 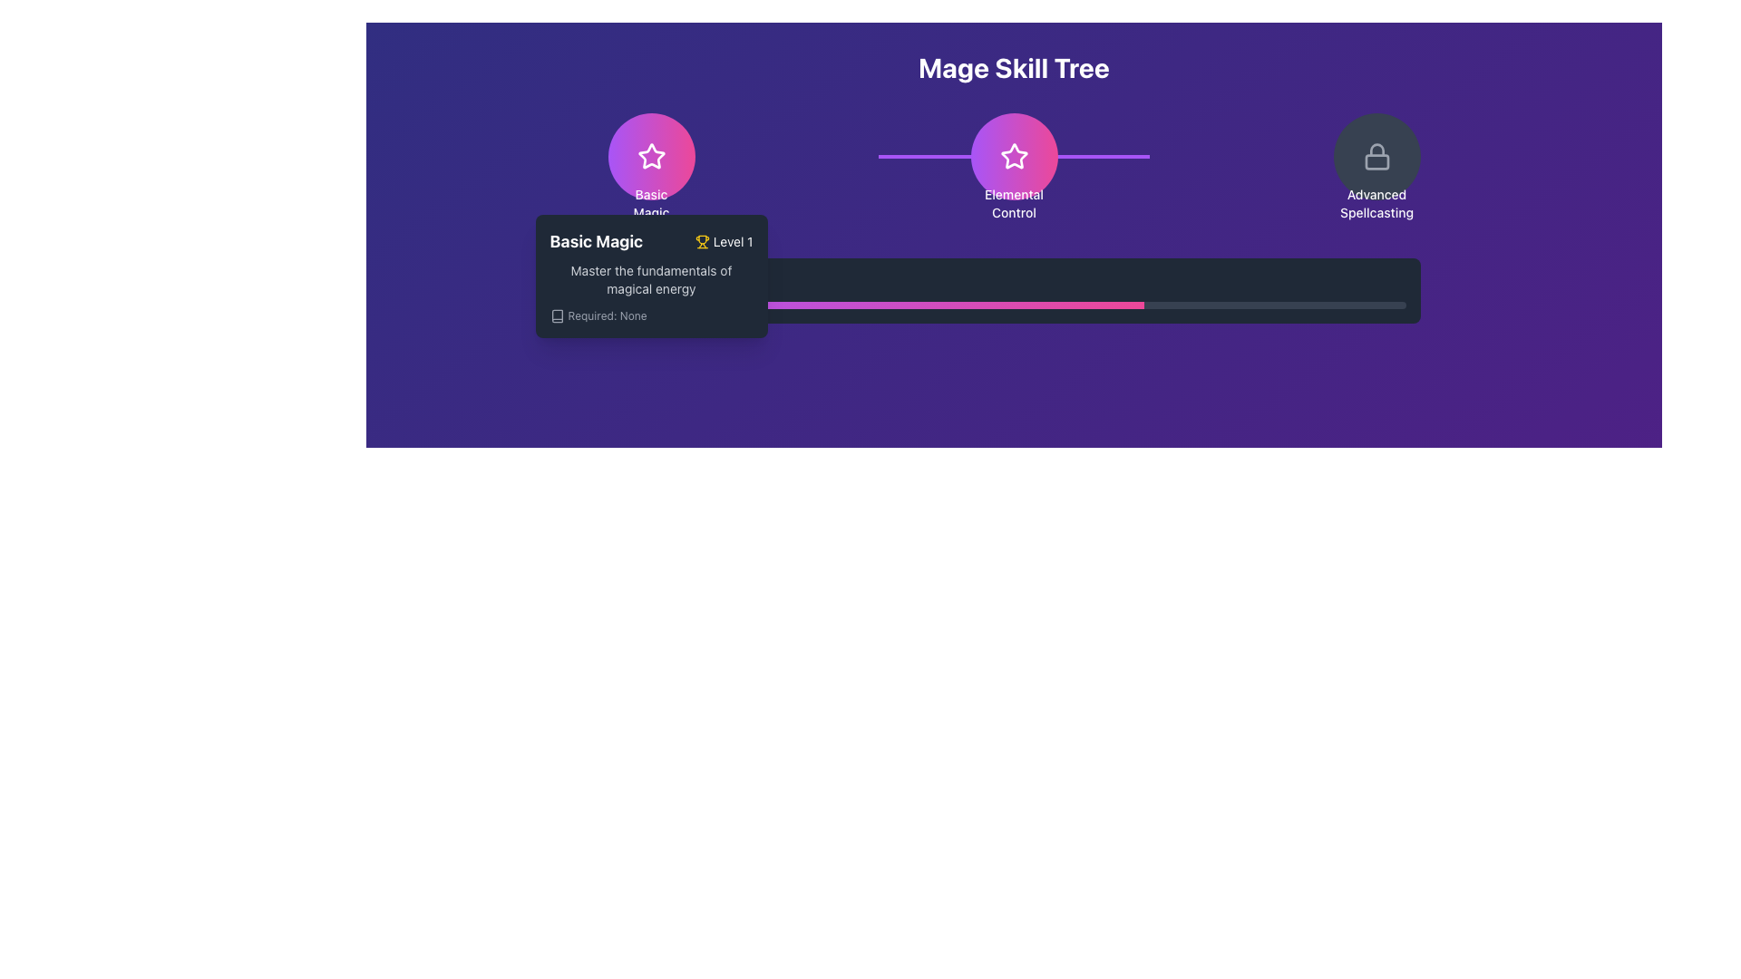 What do you see at coordinates (1376, 156) in the screenshot?
I see `the locked skill icon representing a skill in the skill tree, which is the third item in a horizontal sequence` at bounding box center [1376, 156].